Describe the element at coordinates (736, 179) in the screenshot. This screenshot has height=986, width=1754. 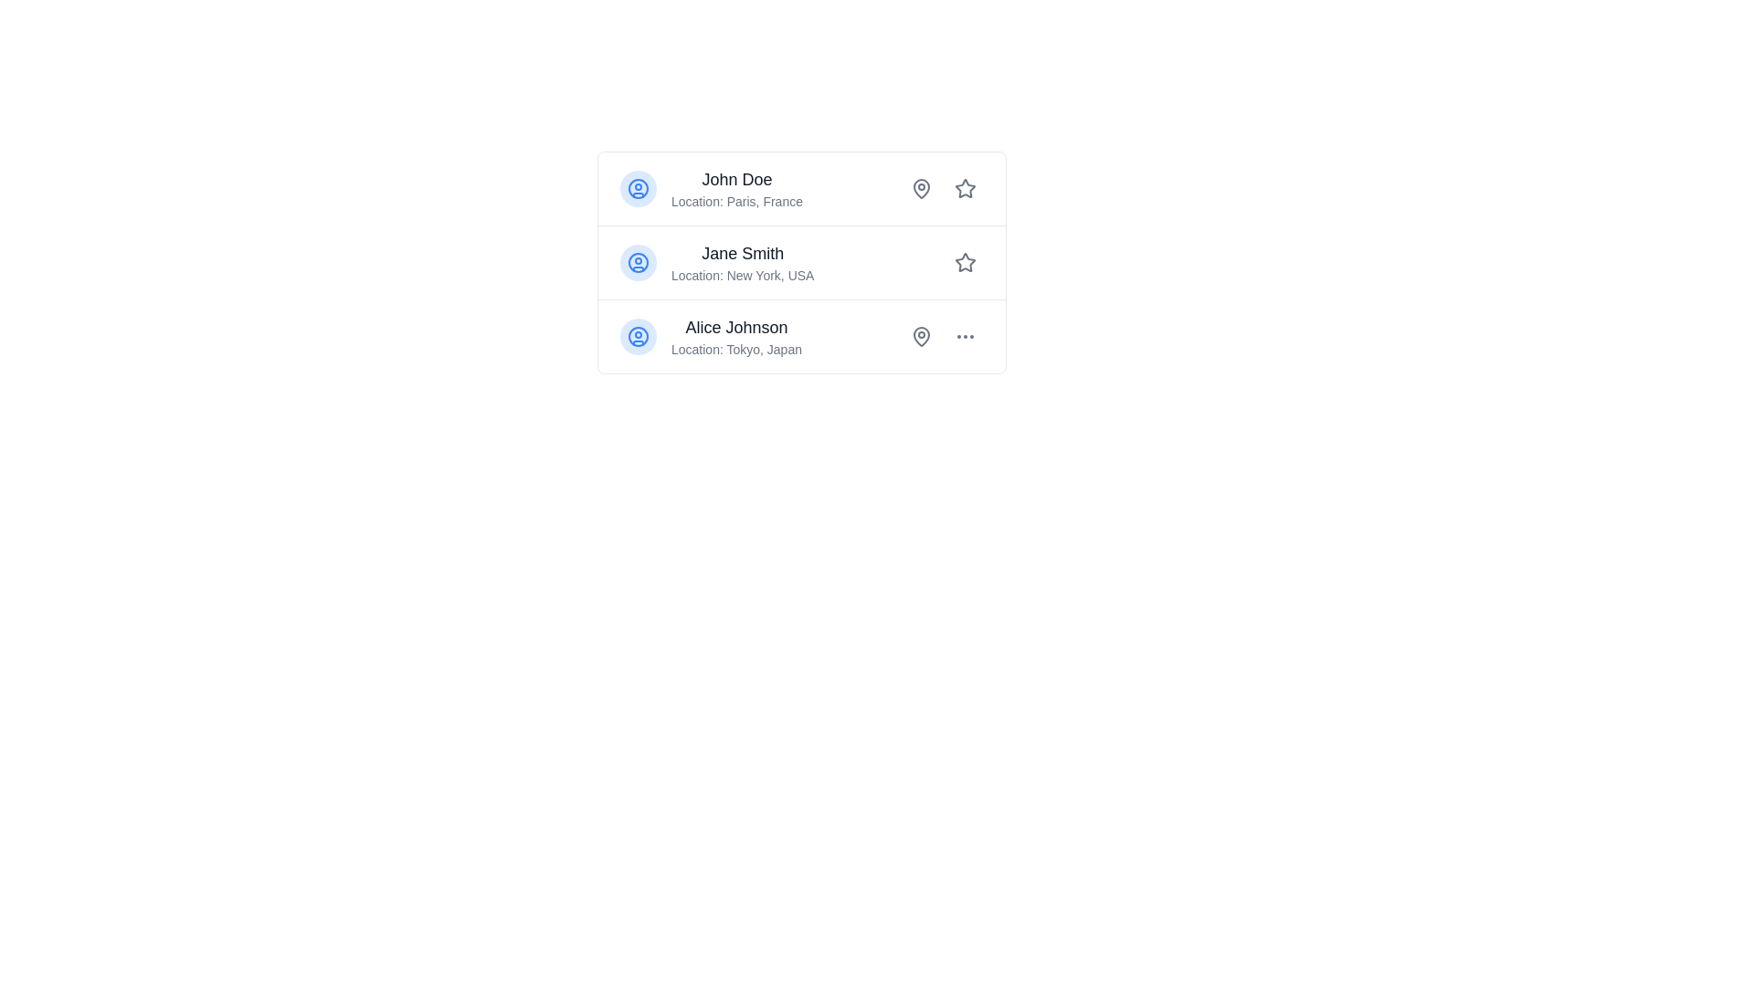
I see `the static text label displaying 'John Doe', which is the first entry's name in a user list, located adjacent to a circular user icon` at that location.